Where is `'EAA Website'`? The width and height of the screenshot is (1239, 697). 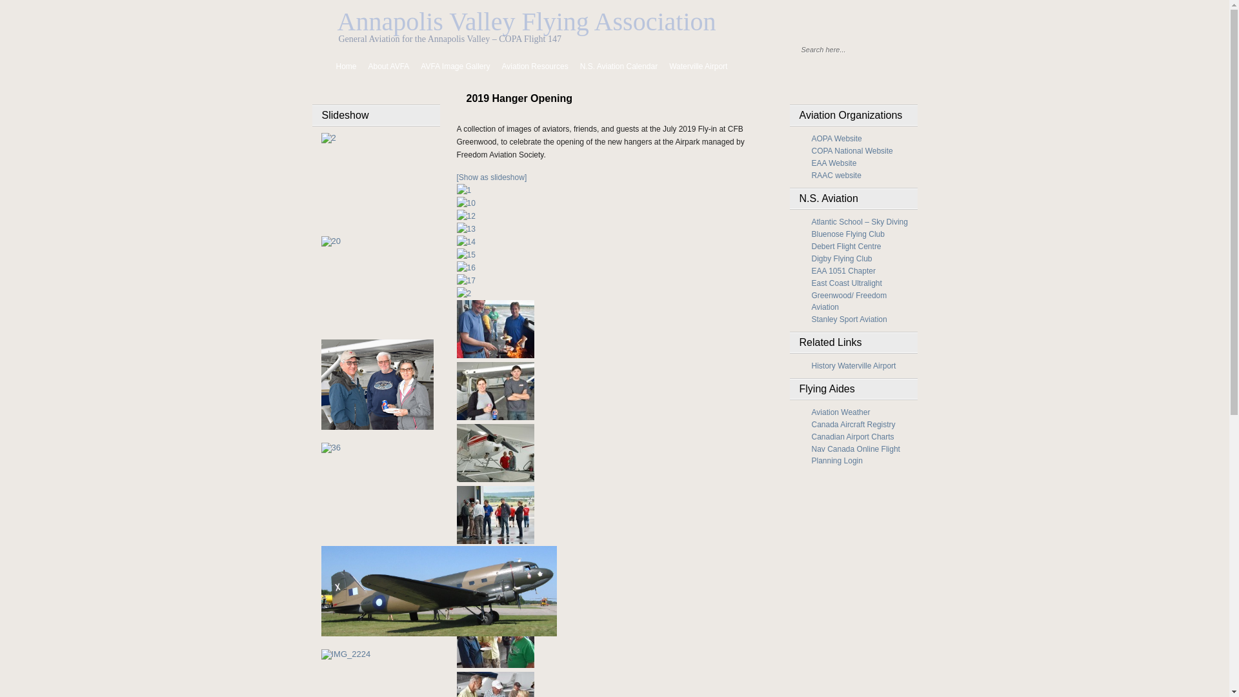 'EAA Website' is located at coordinates (834, 163).